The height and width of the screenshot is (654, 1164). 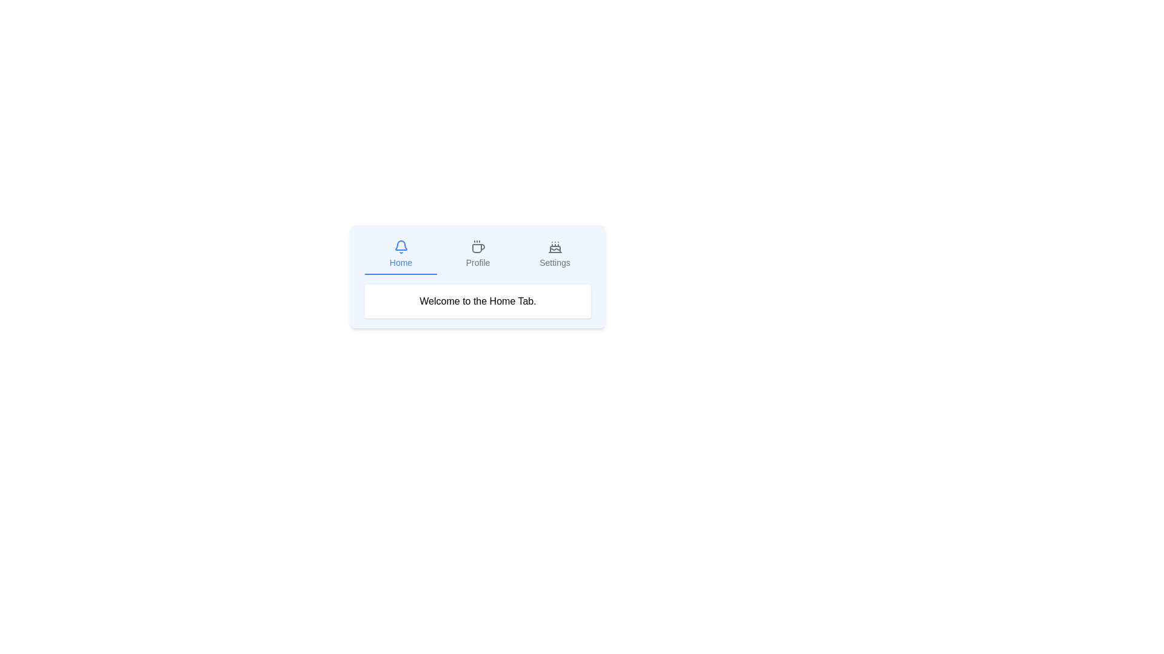 What do you see at coordinates (477, 254) in the screenshot?
I see `the Profile tab to observe changes` at bounding box center [477, 254].